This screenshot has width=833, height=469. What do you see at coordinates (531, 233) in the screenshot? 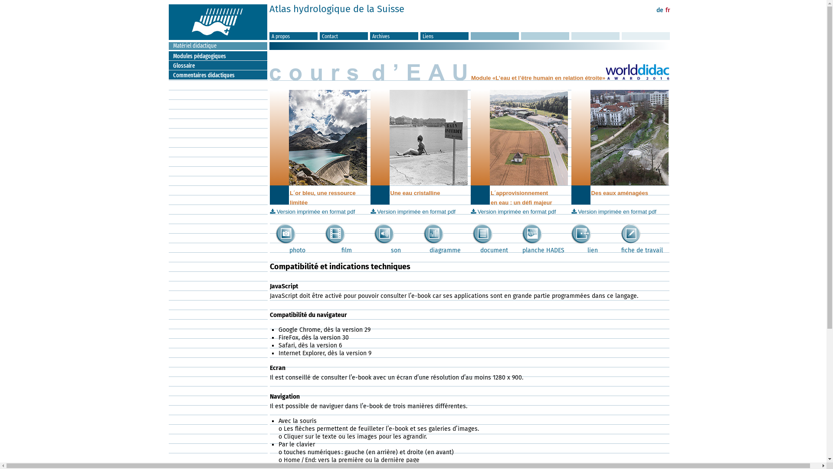
I see `'bouton planche HADES'` at bounding box center [531, 233].